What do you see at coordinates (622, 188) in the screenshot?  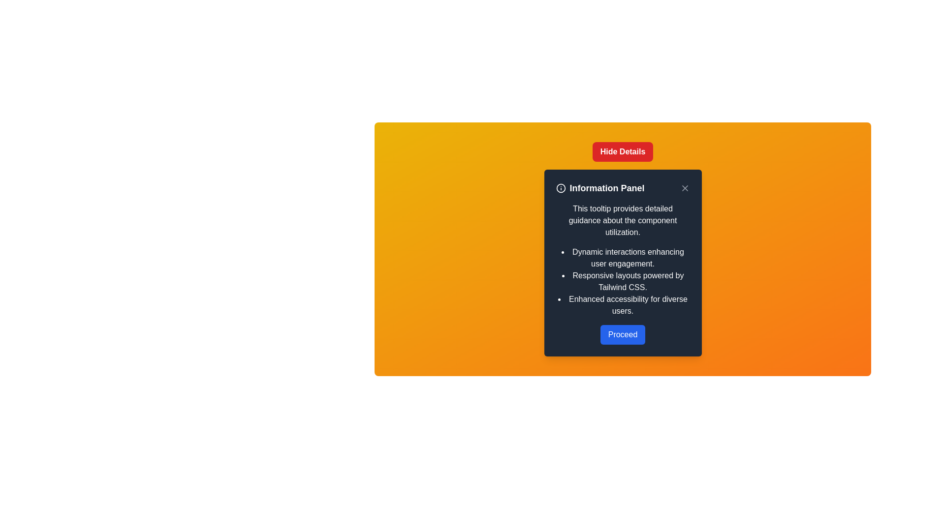 I see `text from the header bar of the tooltip titled 'Information Panel', which includes a close button and is located at the top of the tooltip background` at bounding box center [622, 188].